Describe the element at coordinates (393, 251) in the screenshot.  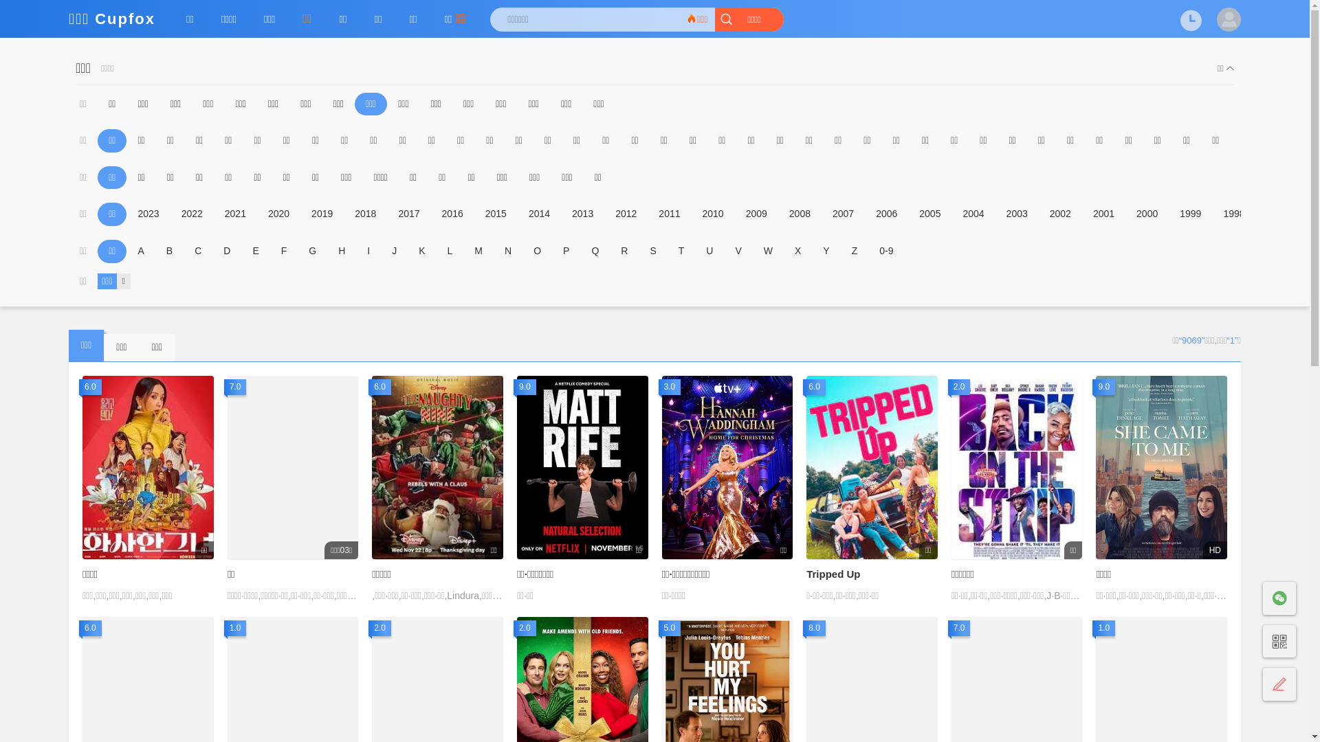
I see `'J'` at that location.